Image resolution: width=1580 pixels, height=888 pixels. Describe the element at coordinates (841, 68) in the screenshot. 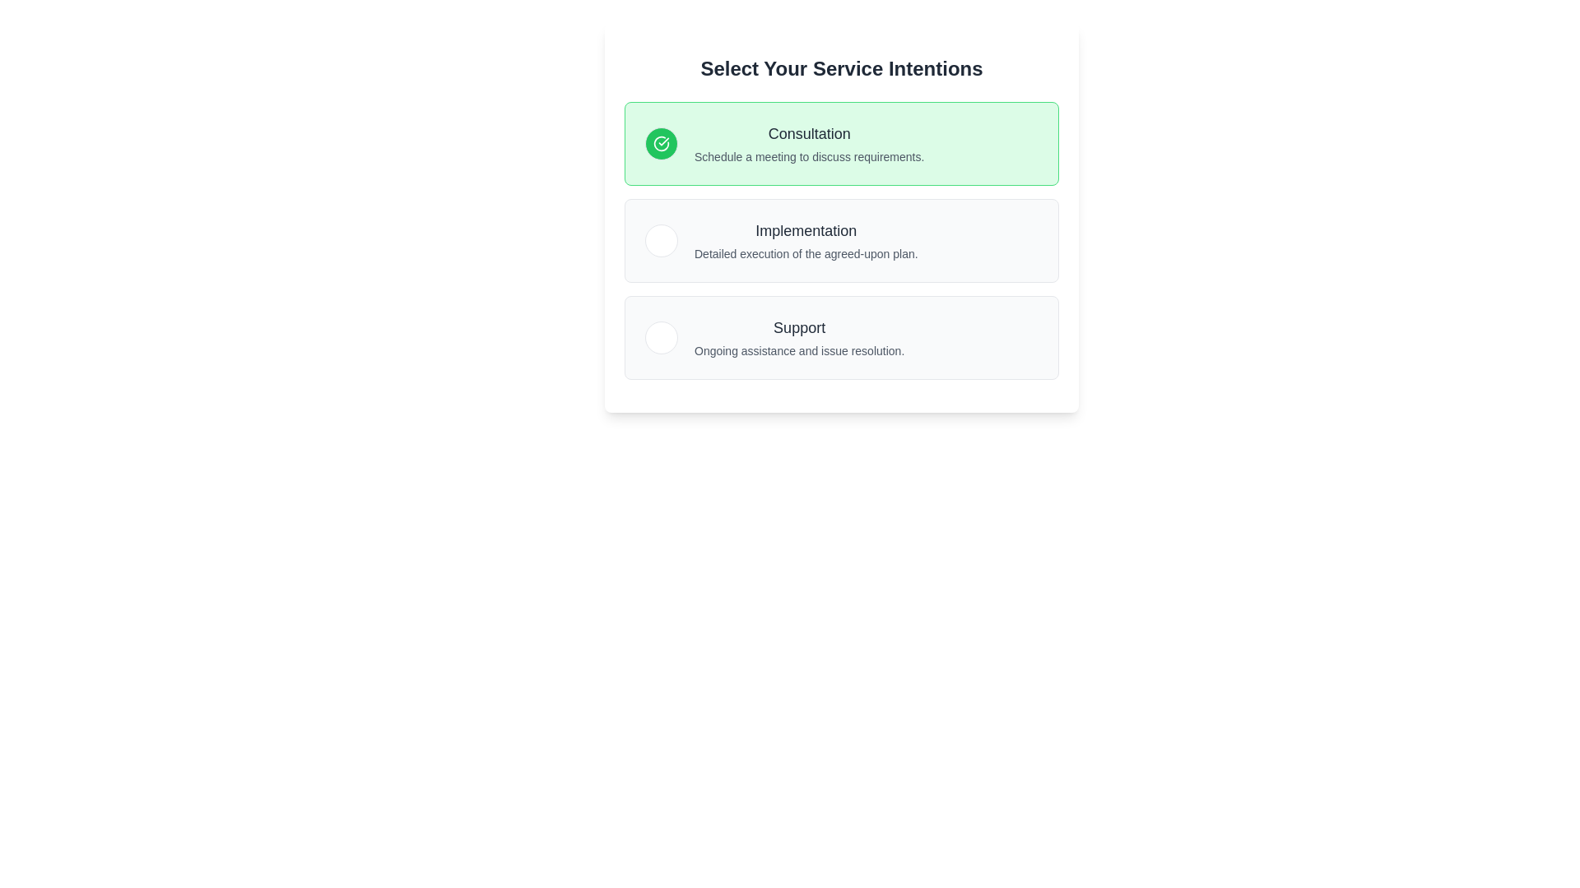

I see `the Header text element that introduces the section and guides the user in making a selection among the listed service intentions` at that location.